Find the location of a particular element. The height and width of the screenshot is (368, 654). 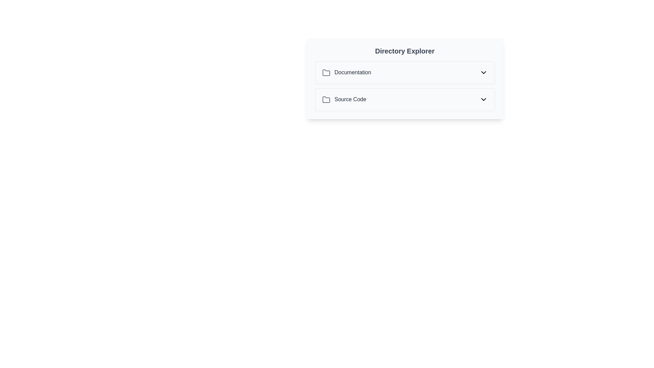

the prominent heading 'Directory Explorer' which is styled in bold, large dark gray font at the top of the centered white rectangular card is located at coordinates (405, 51).